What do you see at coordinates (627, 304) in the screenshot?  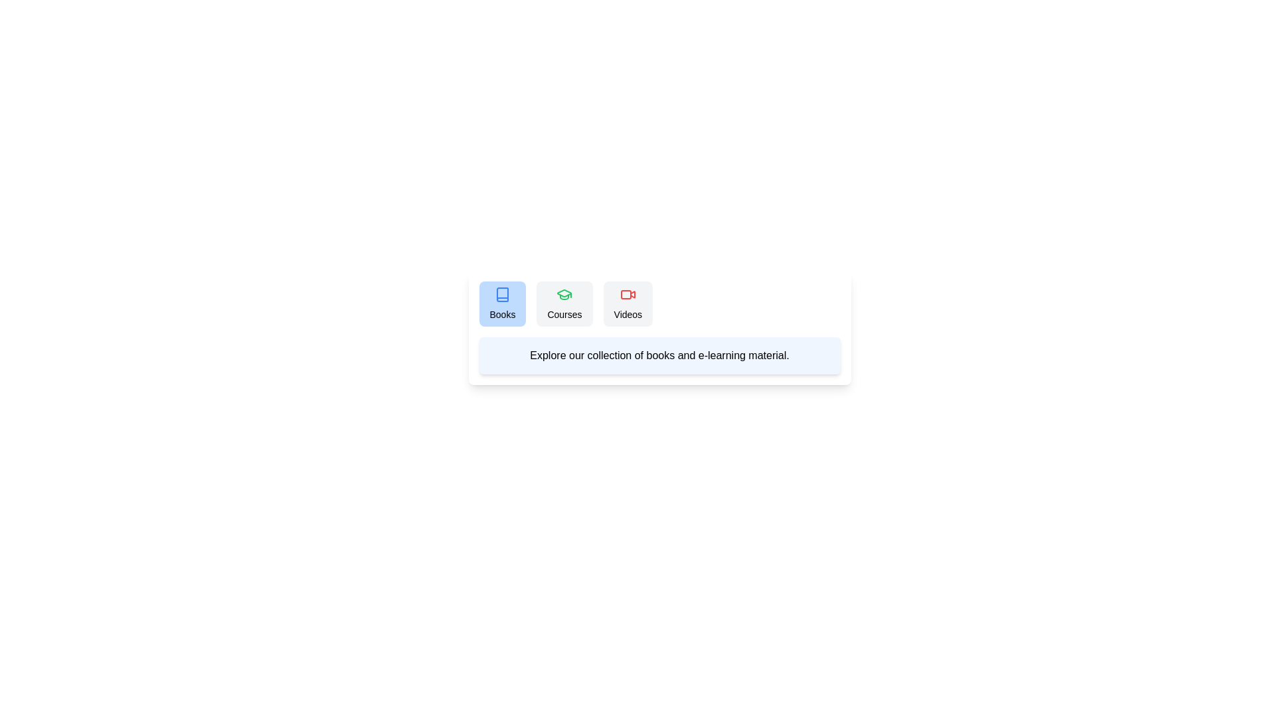 I see `the Videos tab to view its content` at bounding box center [627, 304].